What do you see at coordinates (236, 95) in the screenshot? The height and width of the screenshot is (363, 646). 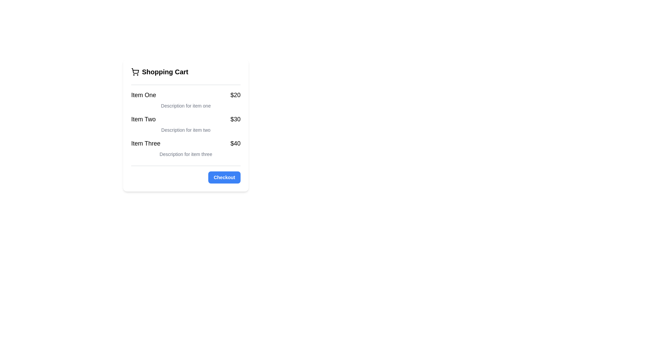 I see `the static text label that displays the price of 'Item One' in the shopping cart interface, located at the top-right corner of the item's row` at bounding box center [236, 95].